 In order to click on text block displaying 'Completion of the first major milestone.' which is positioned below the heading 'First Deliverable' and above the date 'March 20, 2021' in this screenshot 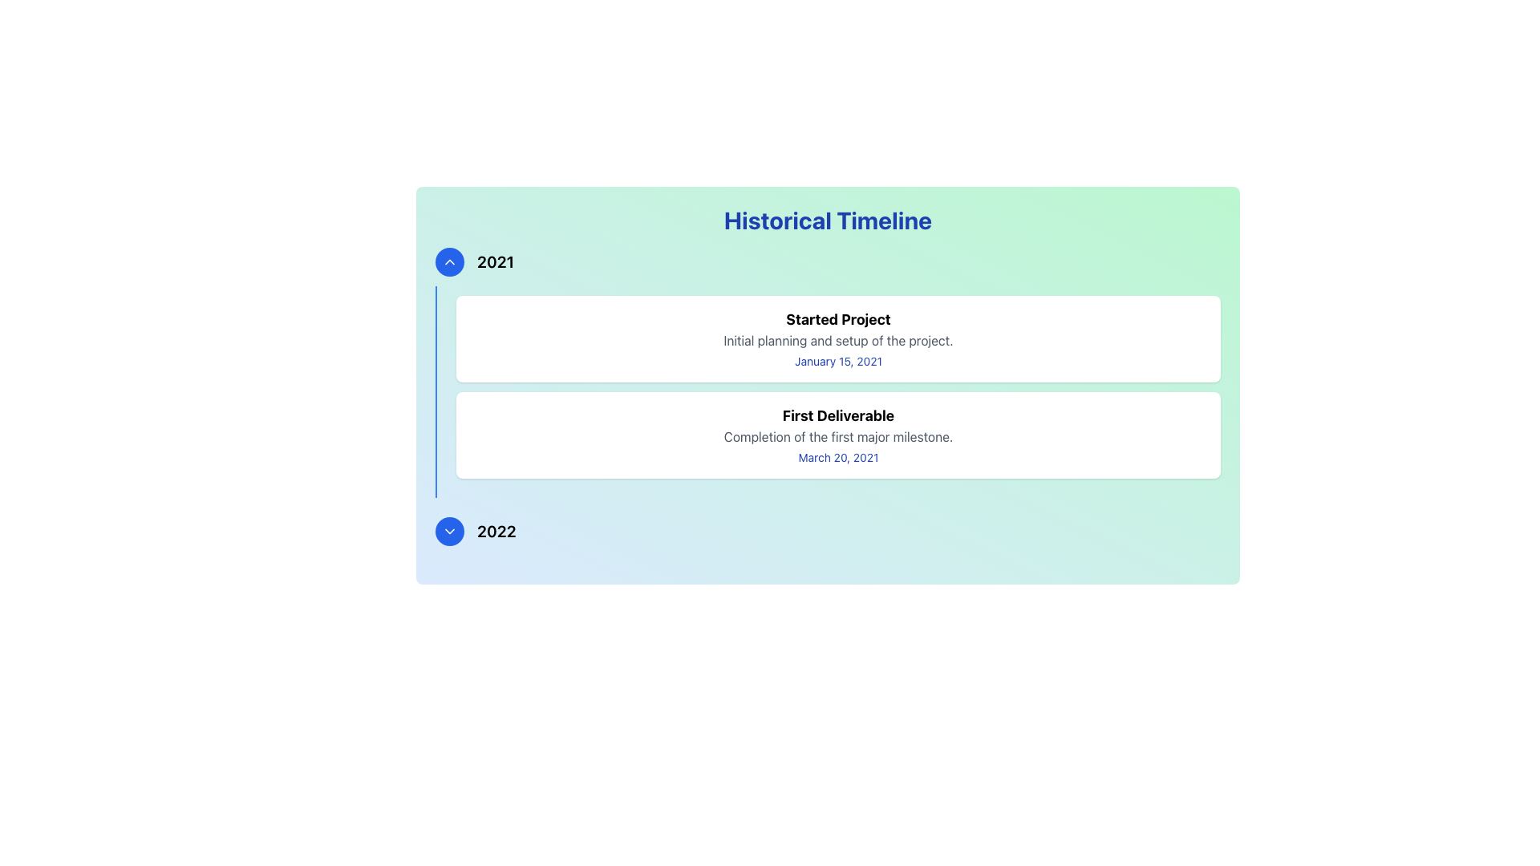, I will do `click(837, 436)`.